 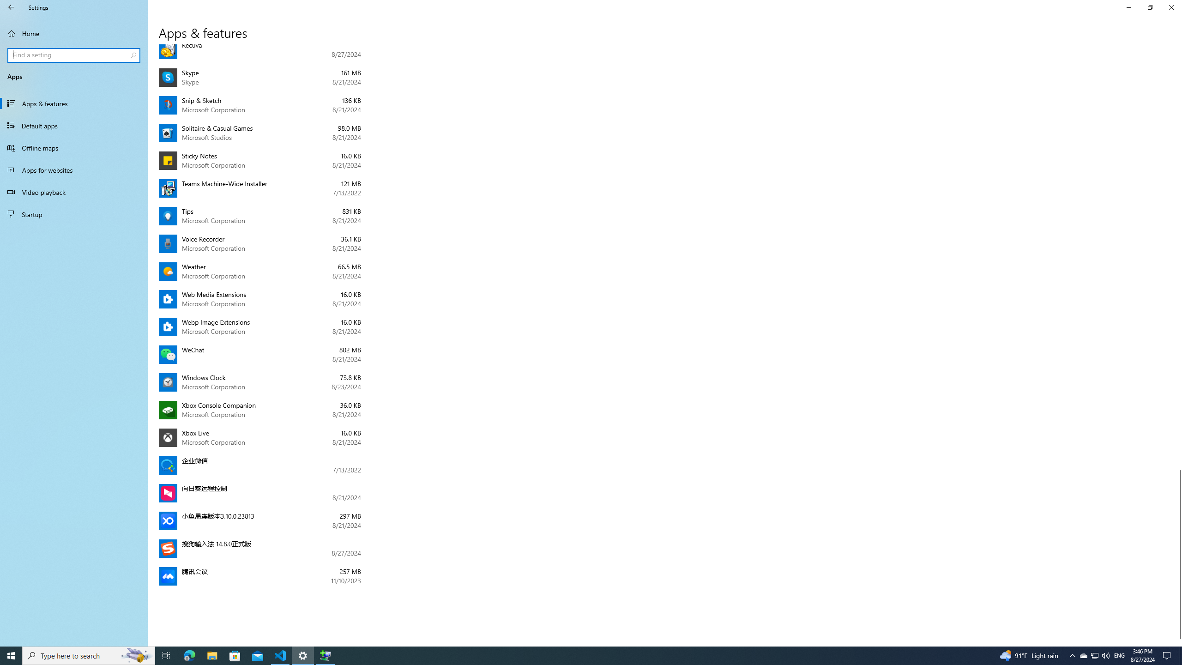 I want to click on 'Default apps', so click(x=73, y=125).